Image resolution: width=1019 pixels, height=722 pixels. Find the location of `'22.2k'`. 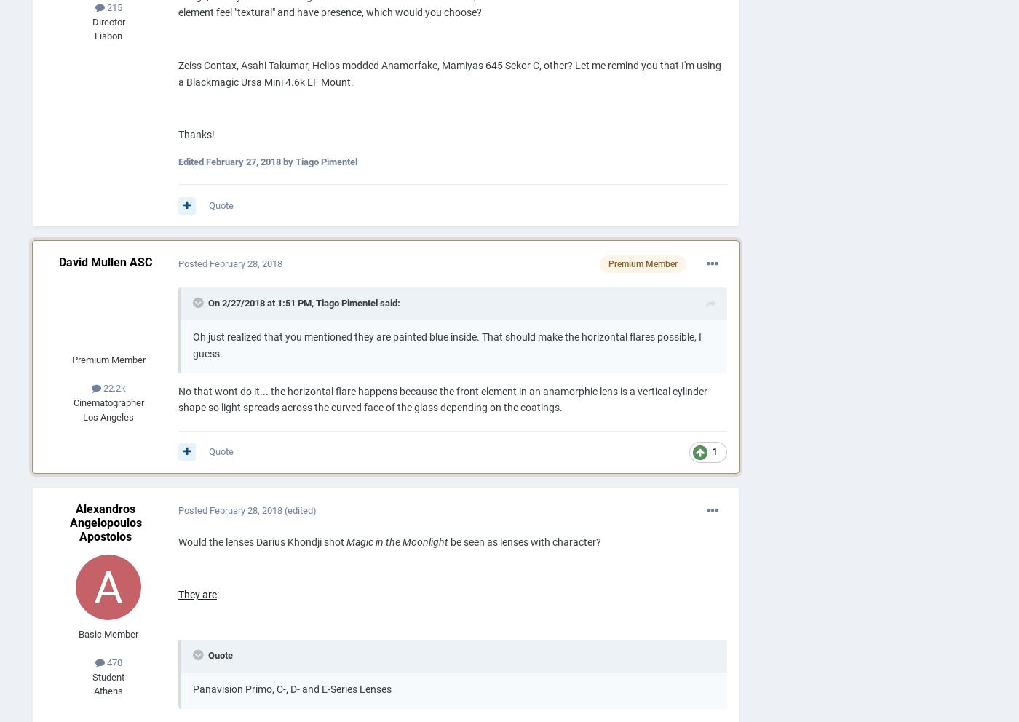

'22.2k' is located at coordinates (112, 387).